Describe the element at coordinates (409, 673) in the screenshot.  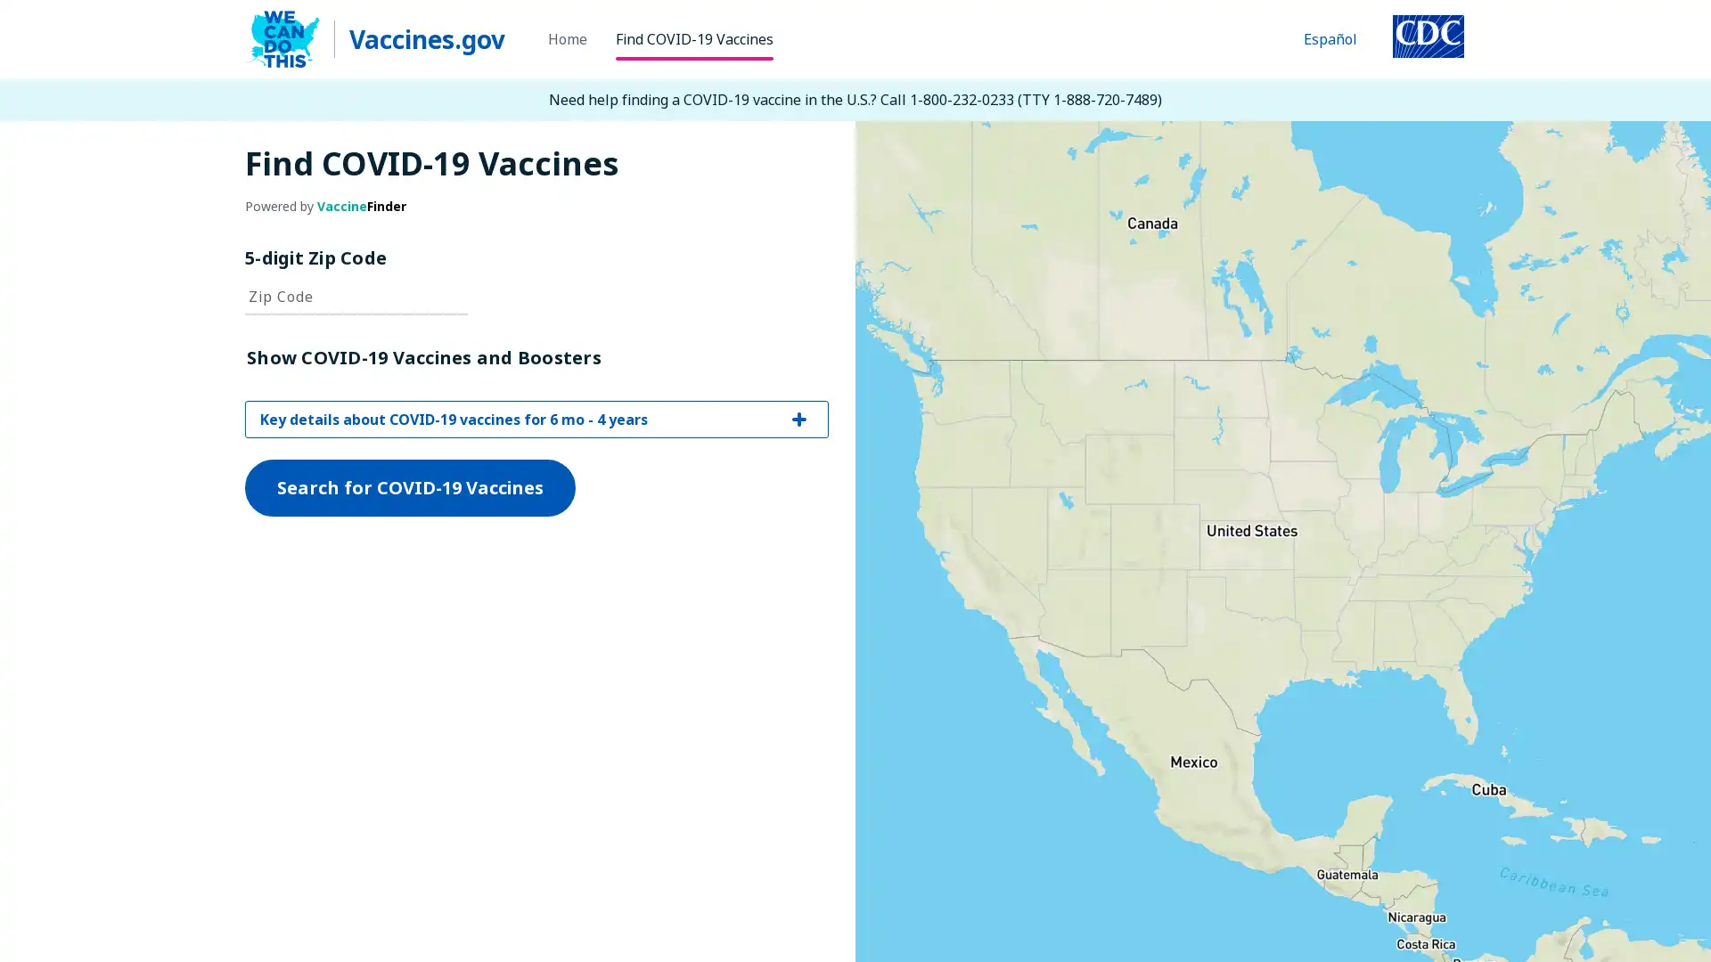
I see `Search for COVID19 Vaccines` at that location.